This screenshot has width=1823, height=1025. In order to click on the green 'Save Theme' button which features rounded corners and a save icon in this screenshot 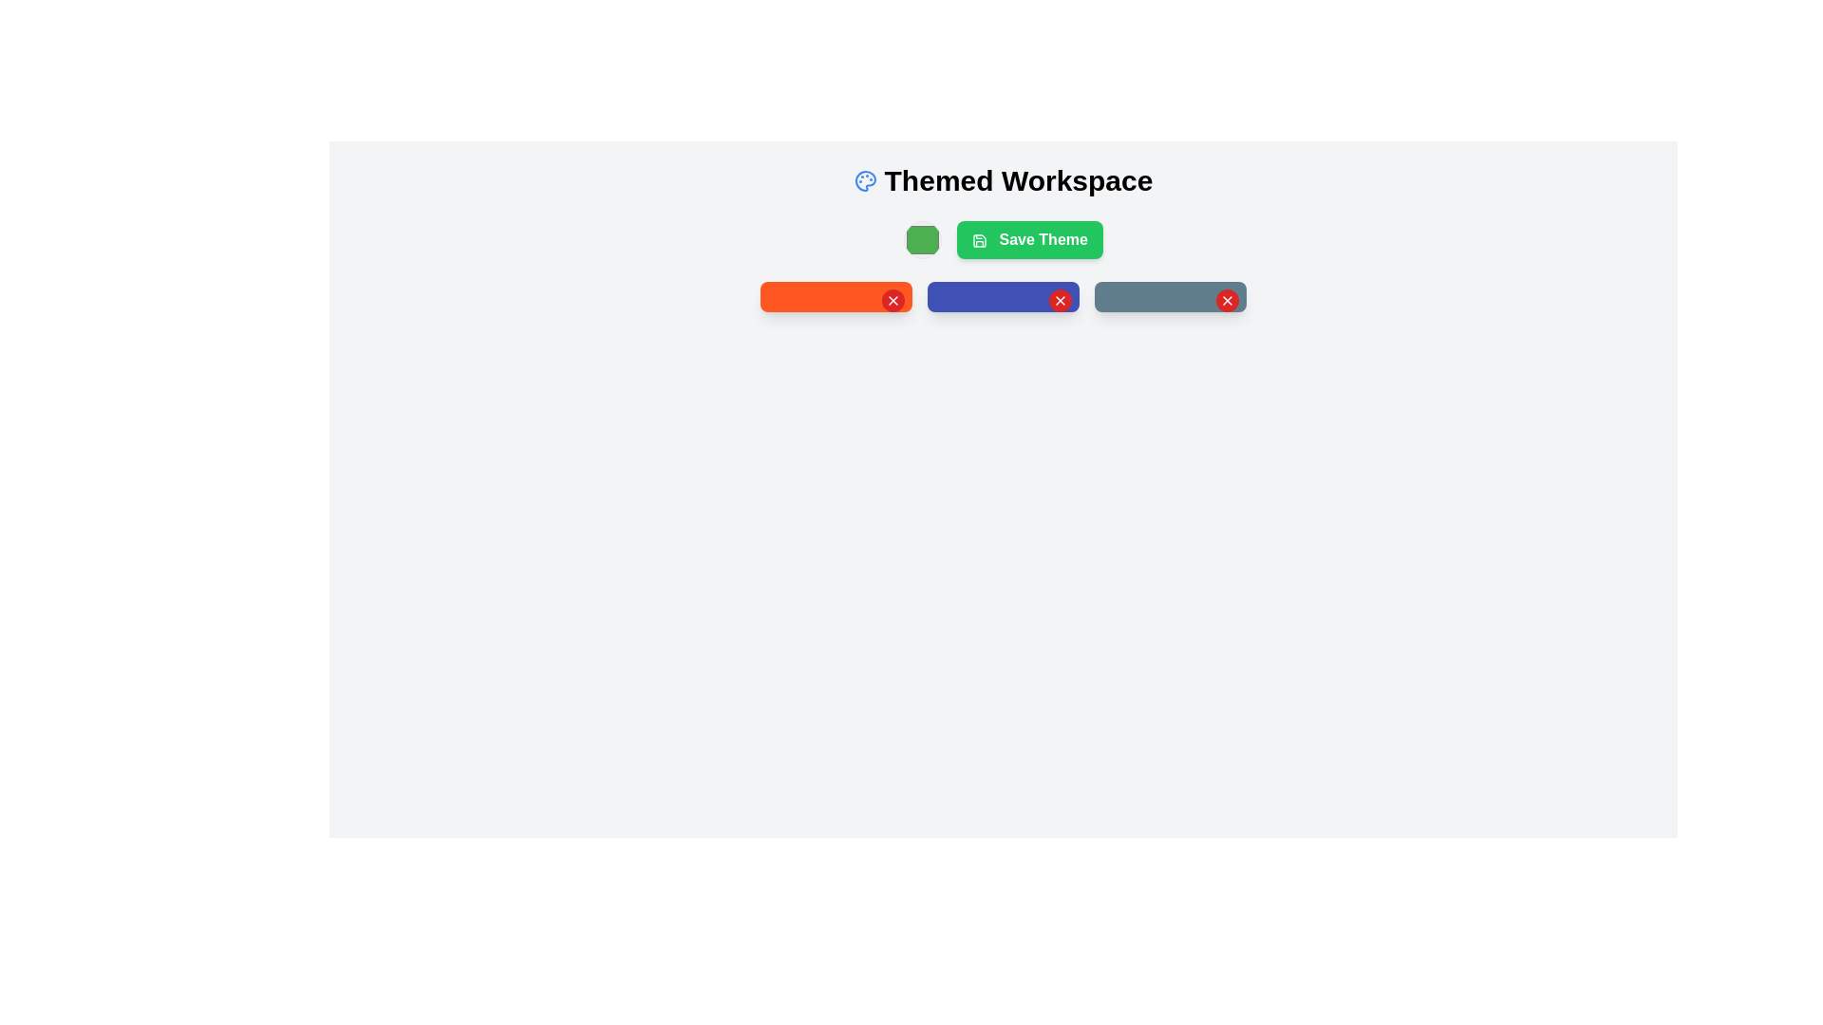, I will do `click(1028, 239)`.